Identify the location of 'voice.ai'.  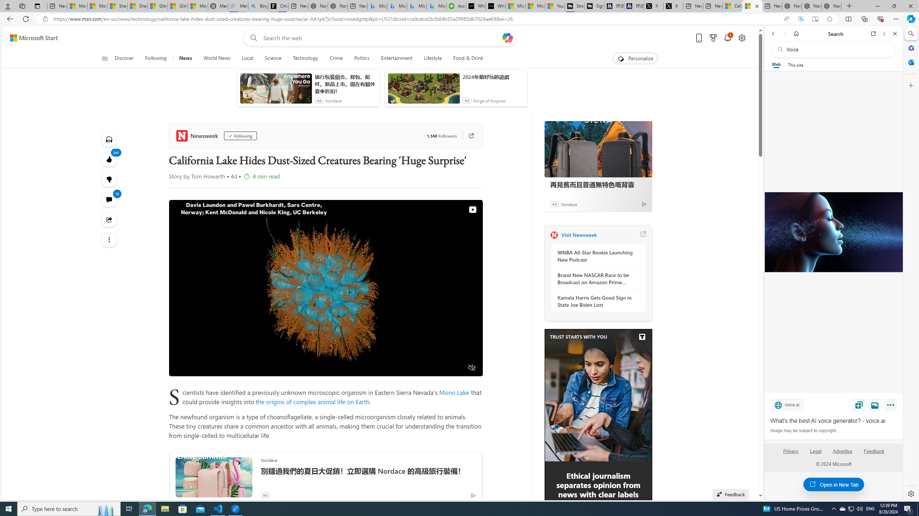
(787, 405).